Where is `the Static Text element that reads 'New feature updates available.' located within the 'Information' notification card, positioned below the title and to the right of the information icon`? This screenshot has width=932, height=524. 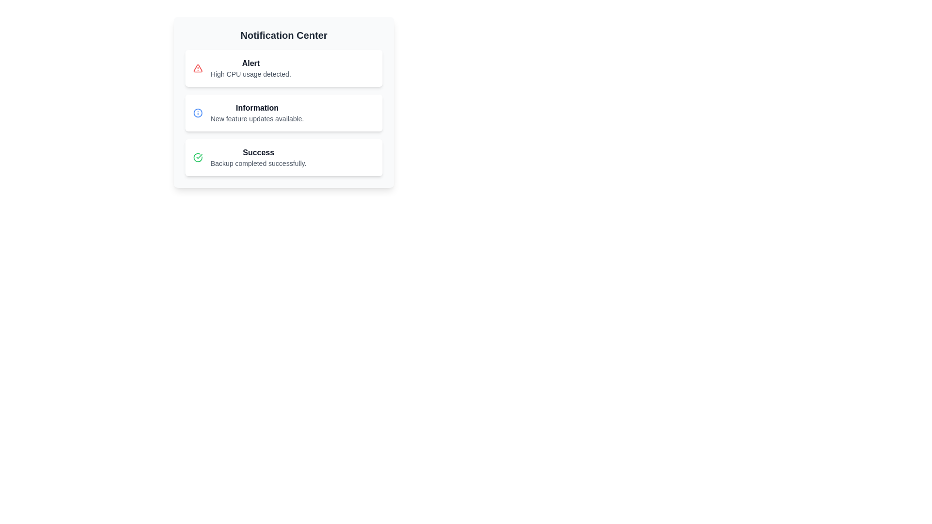
the Static Text element that reads 'New feature updates available.' located within the 'Information' notification card, positioned below the title and to the right of the information icon is located at coordinates (257, 118).